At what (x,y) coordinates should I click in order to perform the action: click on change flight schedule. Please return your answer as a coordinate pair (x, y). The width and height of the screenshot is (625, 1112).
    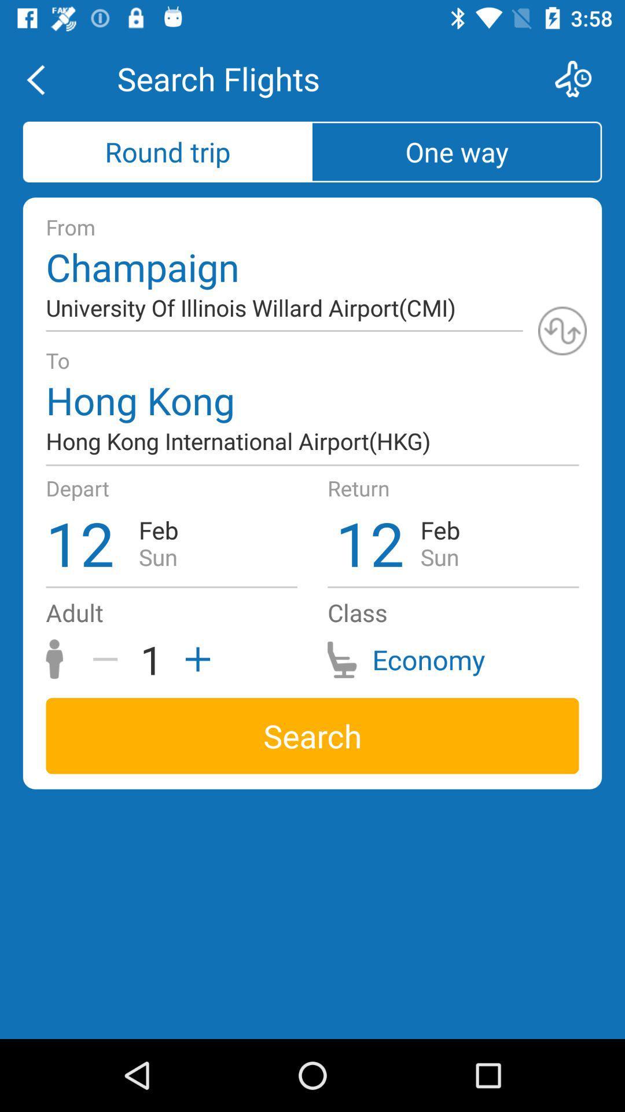
    Looking at the image, I should click on (580, 78).